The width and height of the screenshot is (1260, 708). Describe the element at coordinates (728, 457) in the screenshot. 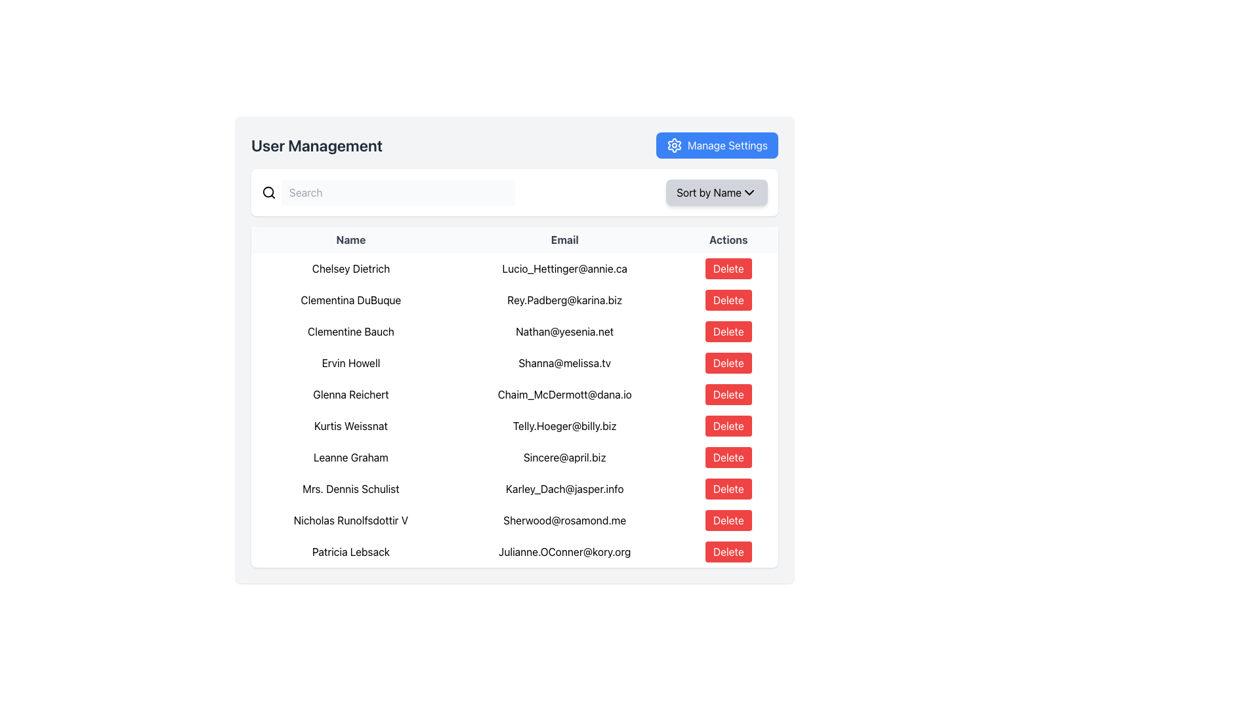

I see `the delete button in the 'Actions' column of the table, which is associated with the email address 'Sincere@april.biz'. This button is the eighth in the sequence of similar buttons` at that location.